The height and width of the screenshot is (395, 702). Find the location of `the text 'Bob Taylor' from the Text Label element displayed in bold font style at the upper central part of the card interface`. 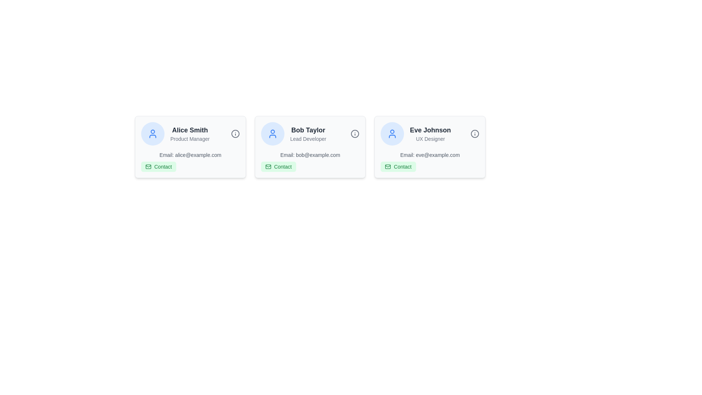

the text 'Bob Taylor' from the Text Label element displayed in bold font style at the upper central part of the card interface is located at coordinates (308, 129).